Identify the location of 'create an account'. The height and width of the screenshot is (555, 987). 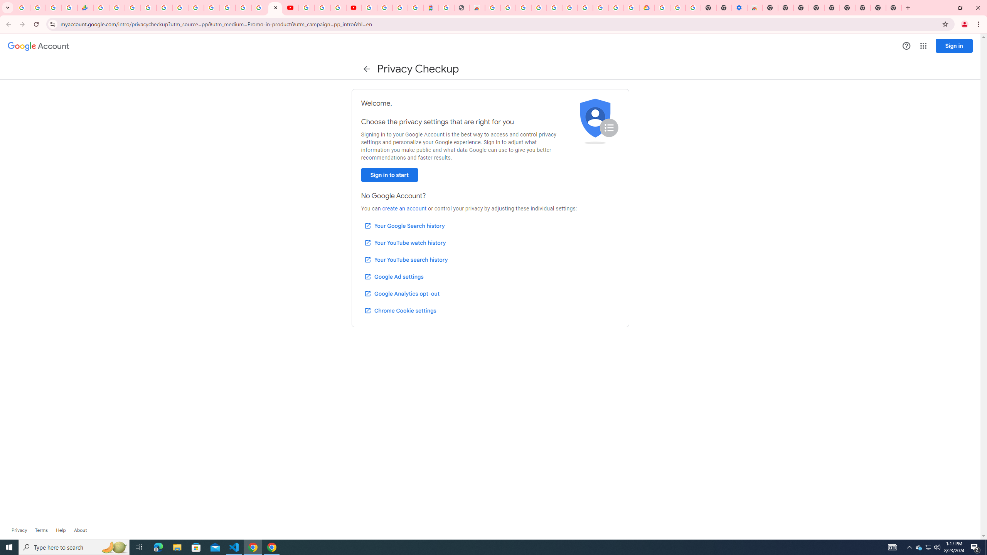
(404, 208).